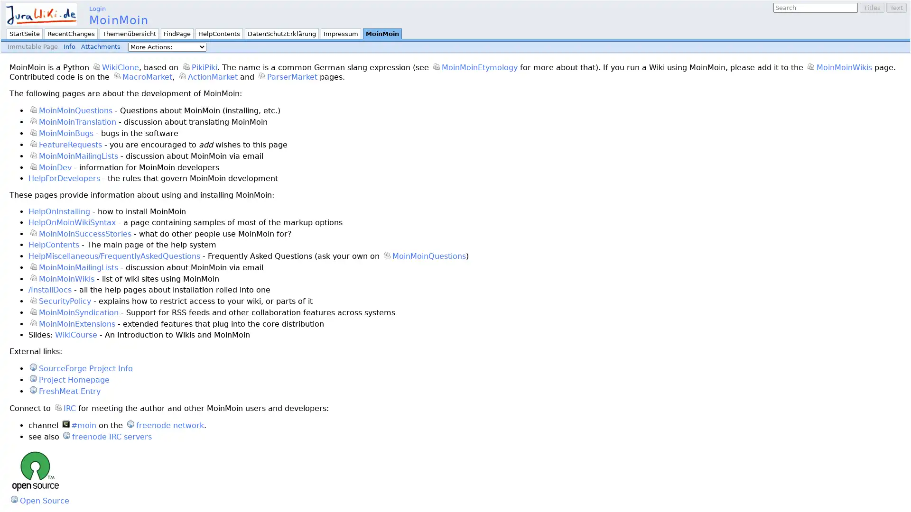  I want to click on Titles, so click(872, 8).